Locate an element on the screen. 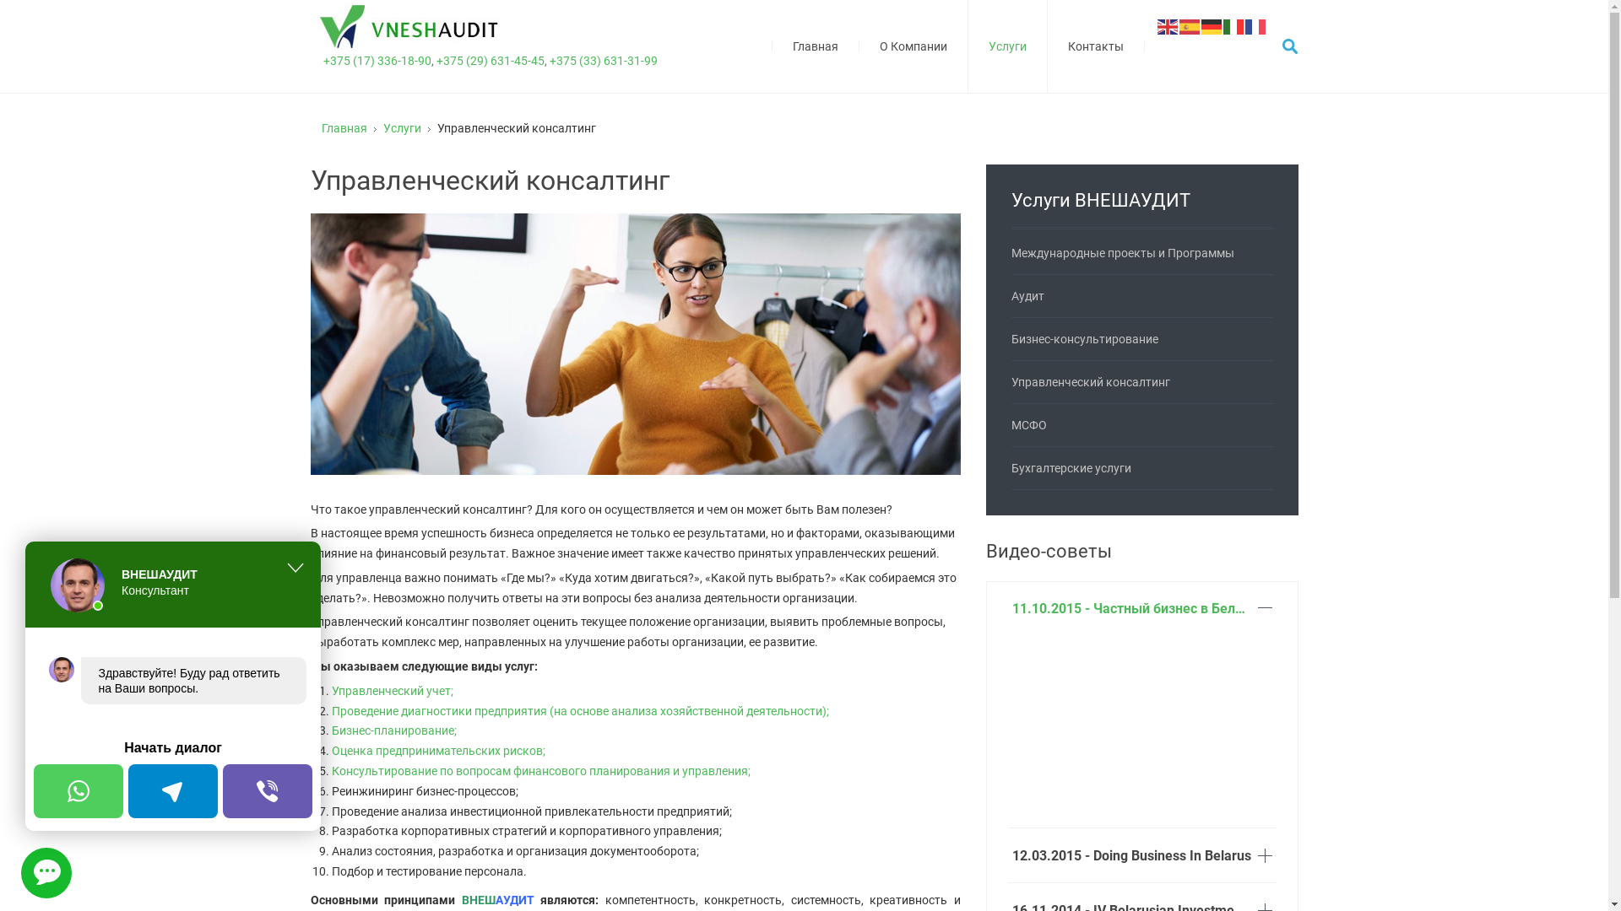  'English' is located at coordinates (1166, 25).